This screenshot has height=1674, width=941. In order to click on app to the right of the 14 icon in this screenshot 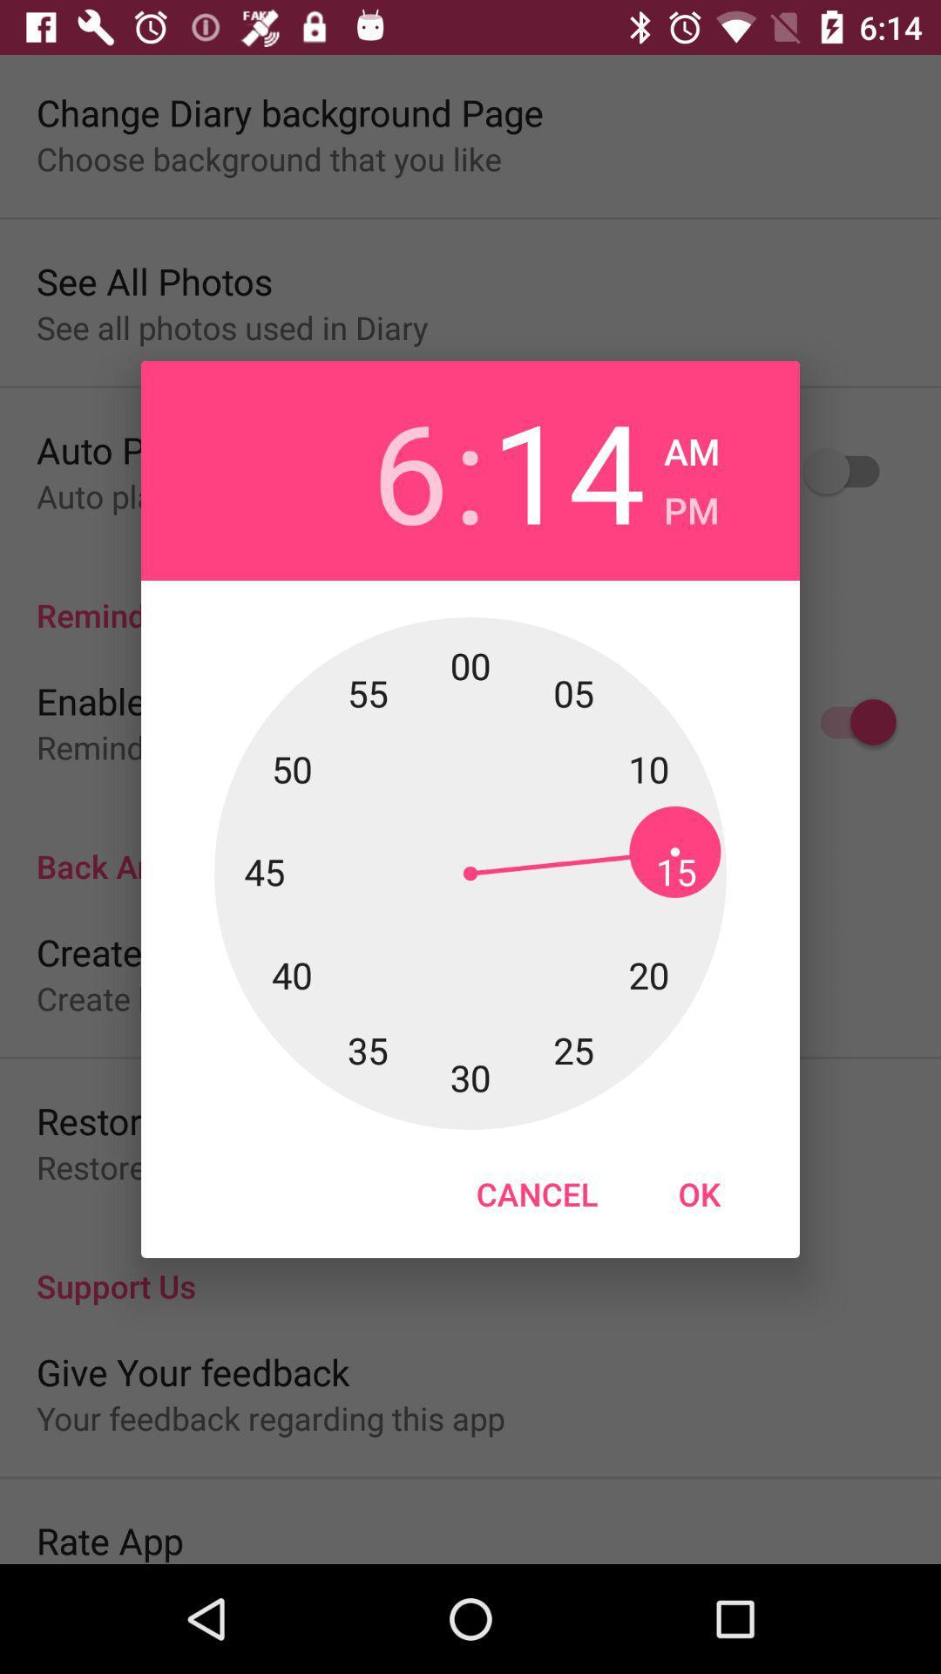, I will do `click(691, 446)`.